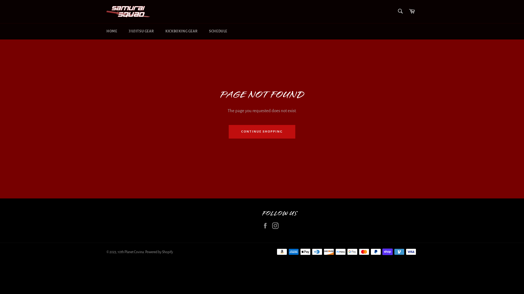 The width and height of the screenshot is (524, 294). What do you see at coordinates (262, 131) in the screenshot?
I see `'CONTINUE SHOPPING'` at bounding box center [262, 131].